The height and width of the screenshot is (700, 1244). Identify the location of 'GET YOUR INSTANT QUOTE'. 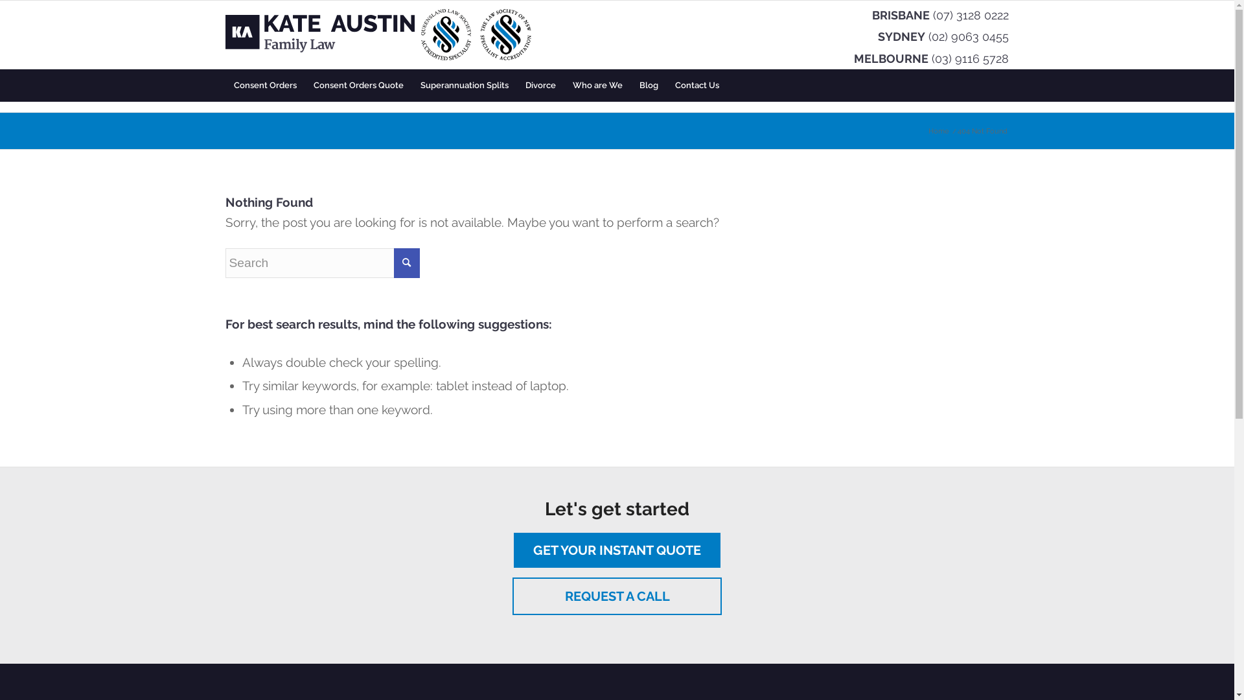
(616, 550).